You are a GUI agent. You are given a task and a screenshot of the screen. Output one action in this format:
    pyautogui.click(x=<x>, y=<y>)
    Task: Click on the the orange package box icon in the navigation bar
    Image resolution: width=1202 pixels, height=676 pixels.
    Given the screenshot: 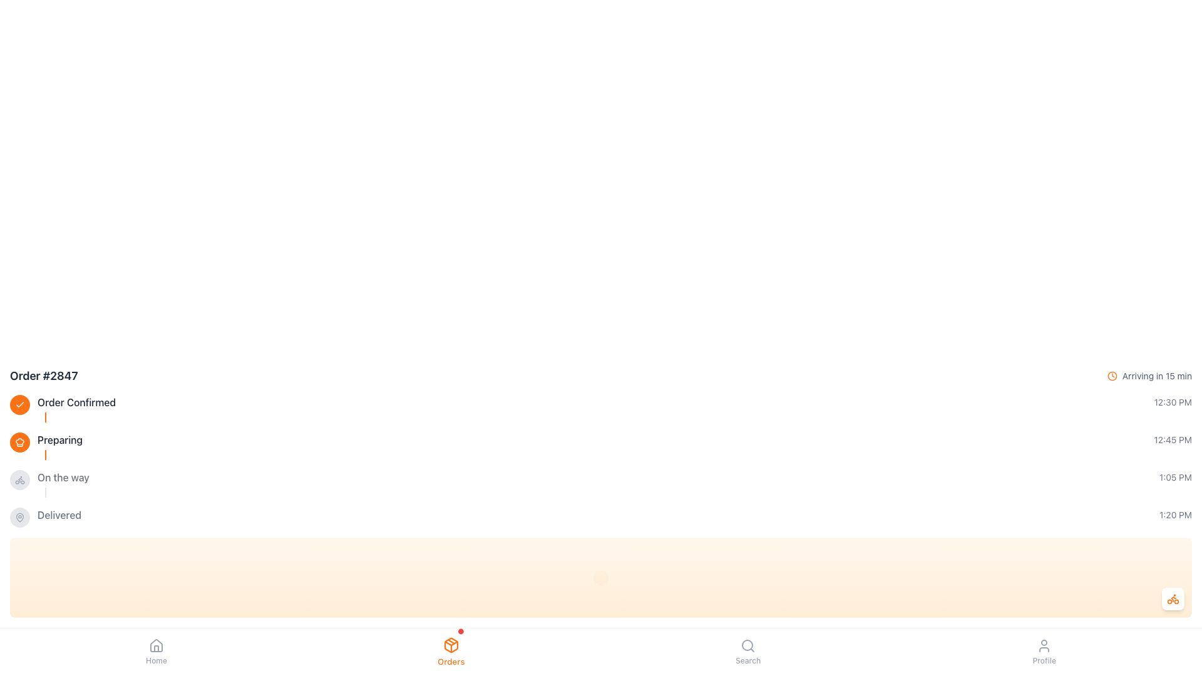 What is the action you would take?
    pyautogui.click(x=451, y=645)
    